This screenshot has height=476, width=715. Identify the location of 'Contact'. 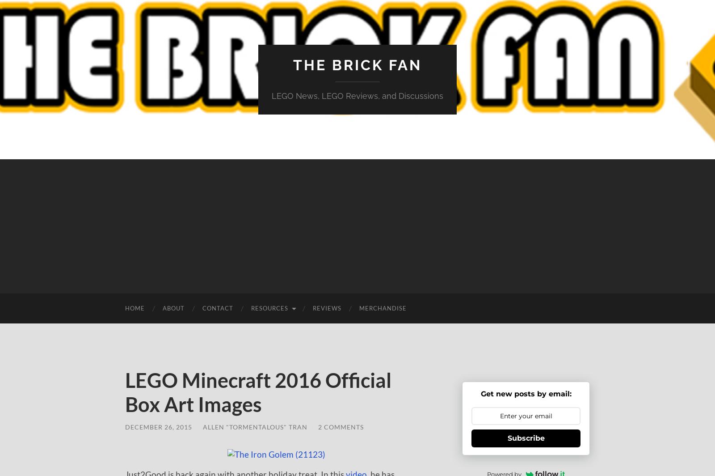
(217, 308).